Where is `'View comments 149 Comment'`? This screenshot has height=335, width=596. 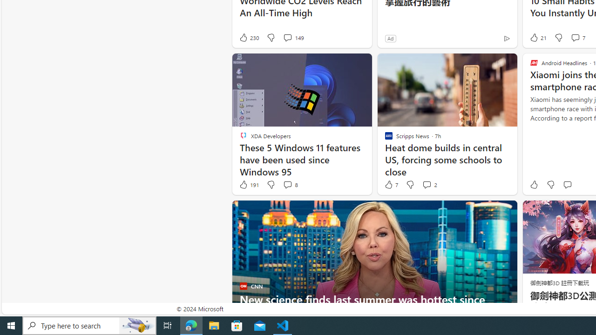 'View comments 149 Comment' is located at coordinates (287, 37).